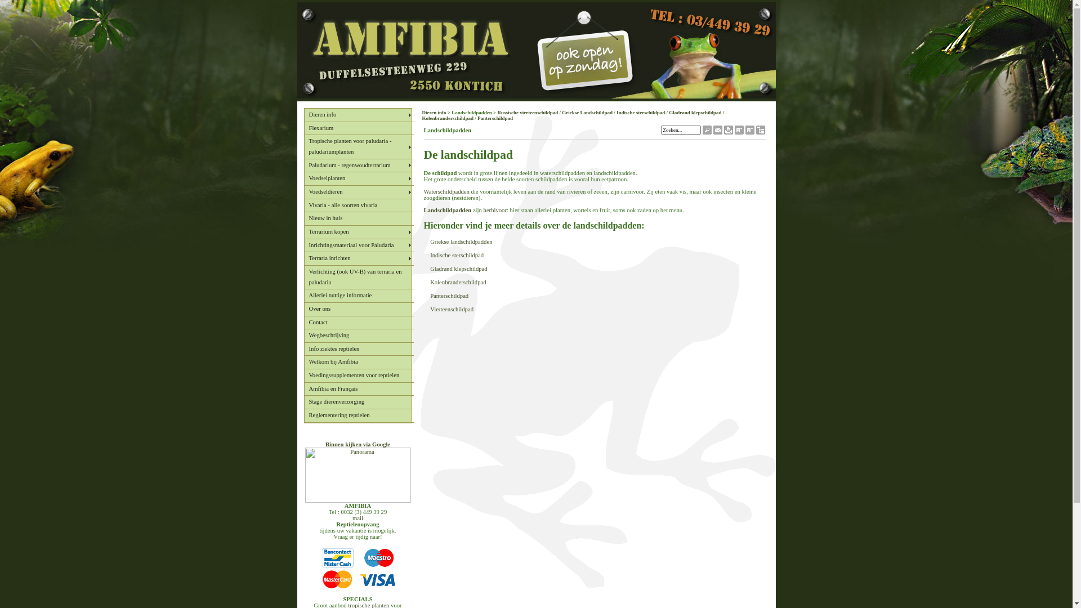  What do you see at coordinates (303, 231) in the screenshot?
I see `'Terrarium kopen'` at bounding box center [303, 231].